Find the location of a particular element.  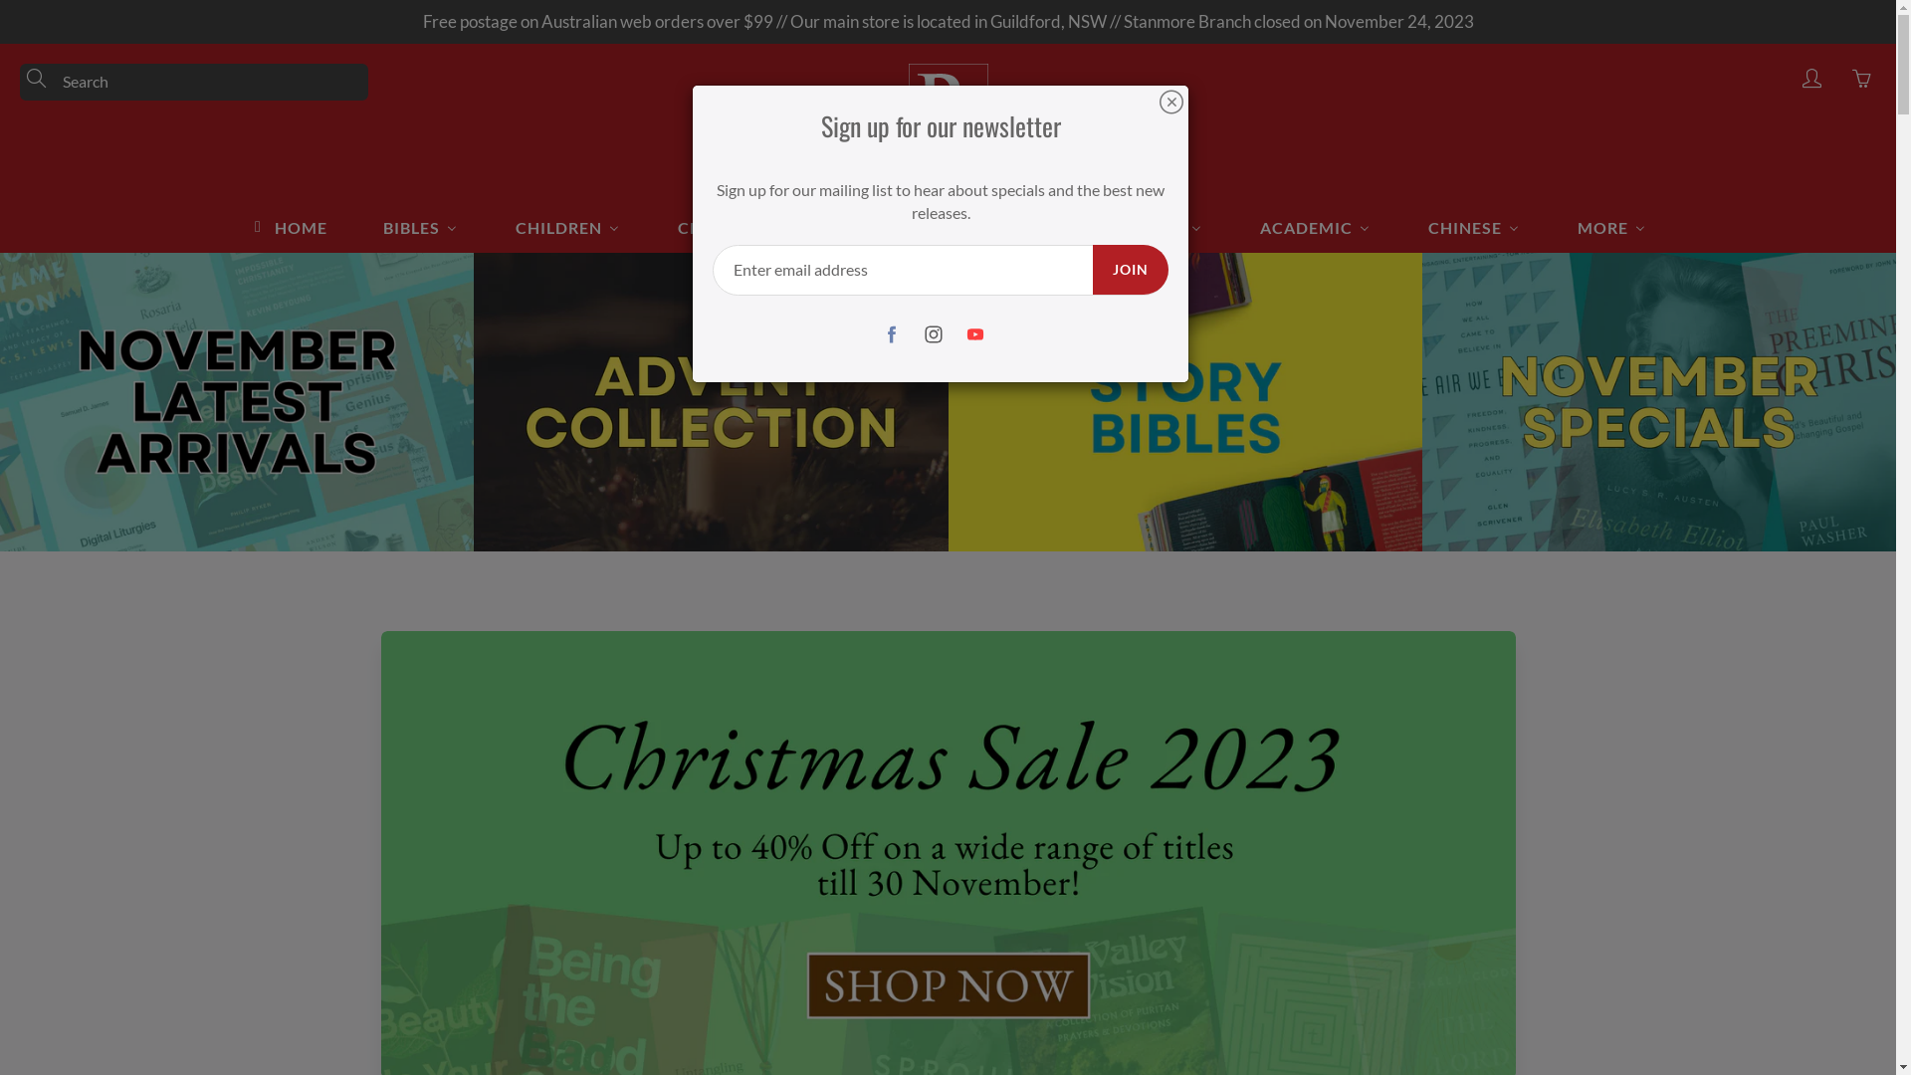

'Instagram' is located at coordinates (932, 333).